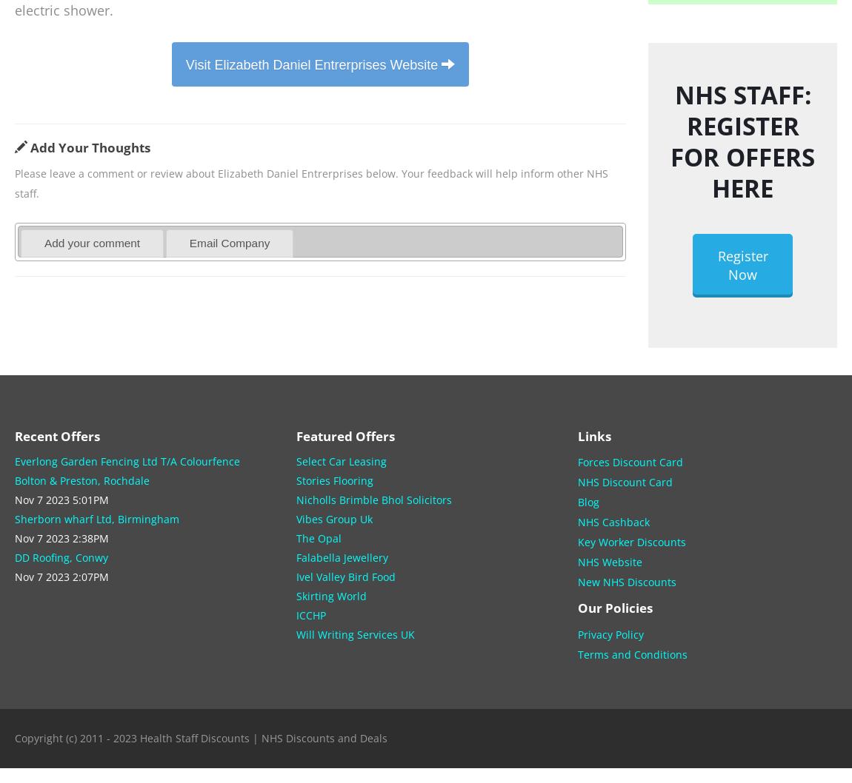  What do you see at coordinates (14, 736) in the screenshot?
I see `'Copyright (c) 2011 - 2023 Health Staff Discounts | NHS Discounts and Deals'` at bounding box center [14, 736].